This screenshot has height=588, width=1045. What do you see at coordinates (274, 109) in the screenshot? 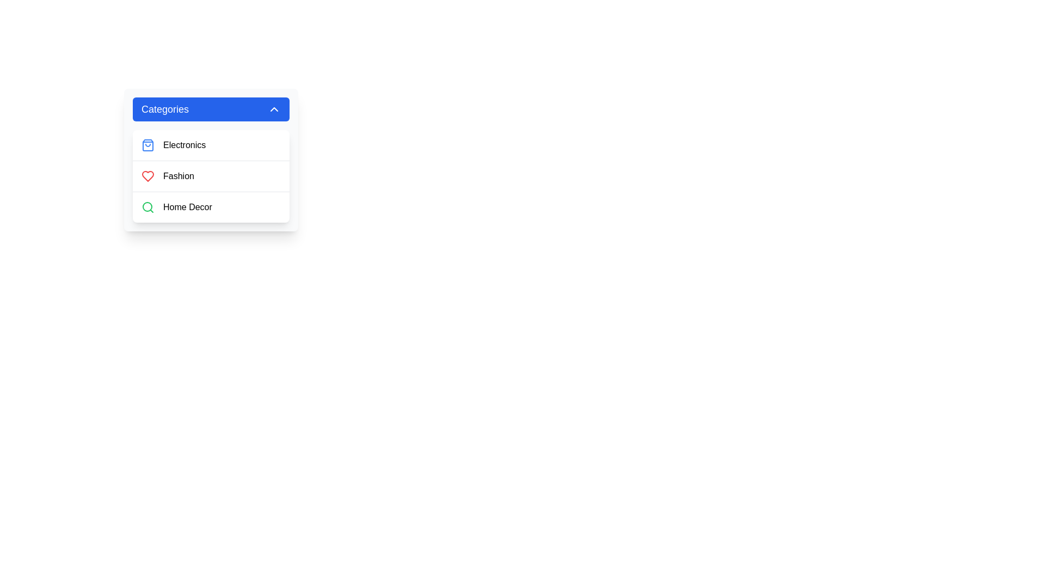
I see `the upward-pointing chevron icon located at the right end of the blue button labeled 'Categories'` at bounding box center [274, 109].